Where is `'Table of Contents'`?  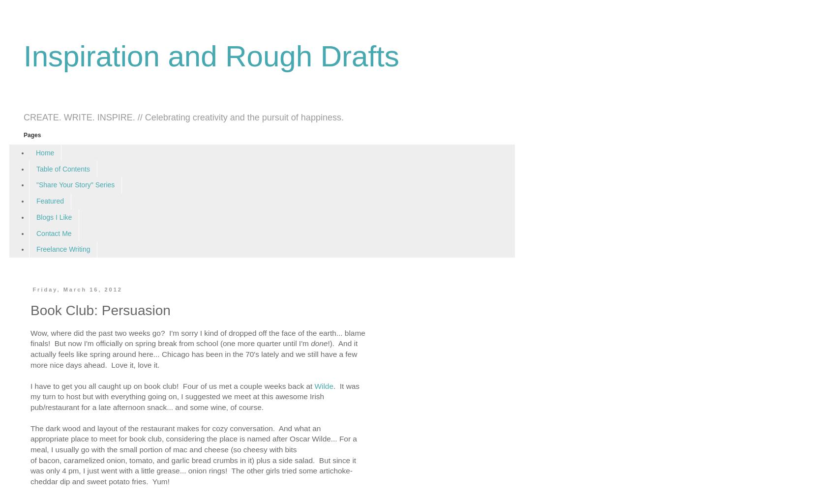 'Table of Contents' is located at coordinates (62, 169).